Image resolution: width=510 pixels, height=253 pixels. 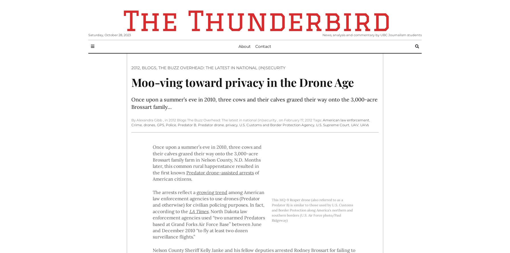 I want to click on 'Predator B', so click(x=187, y=125).